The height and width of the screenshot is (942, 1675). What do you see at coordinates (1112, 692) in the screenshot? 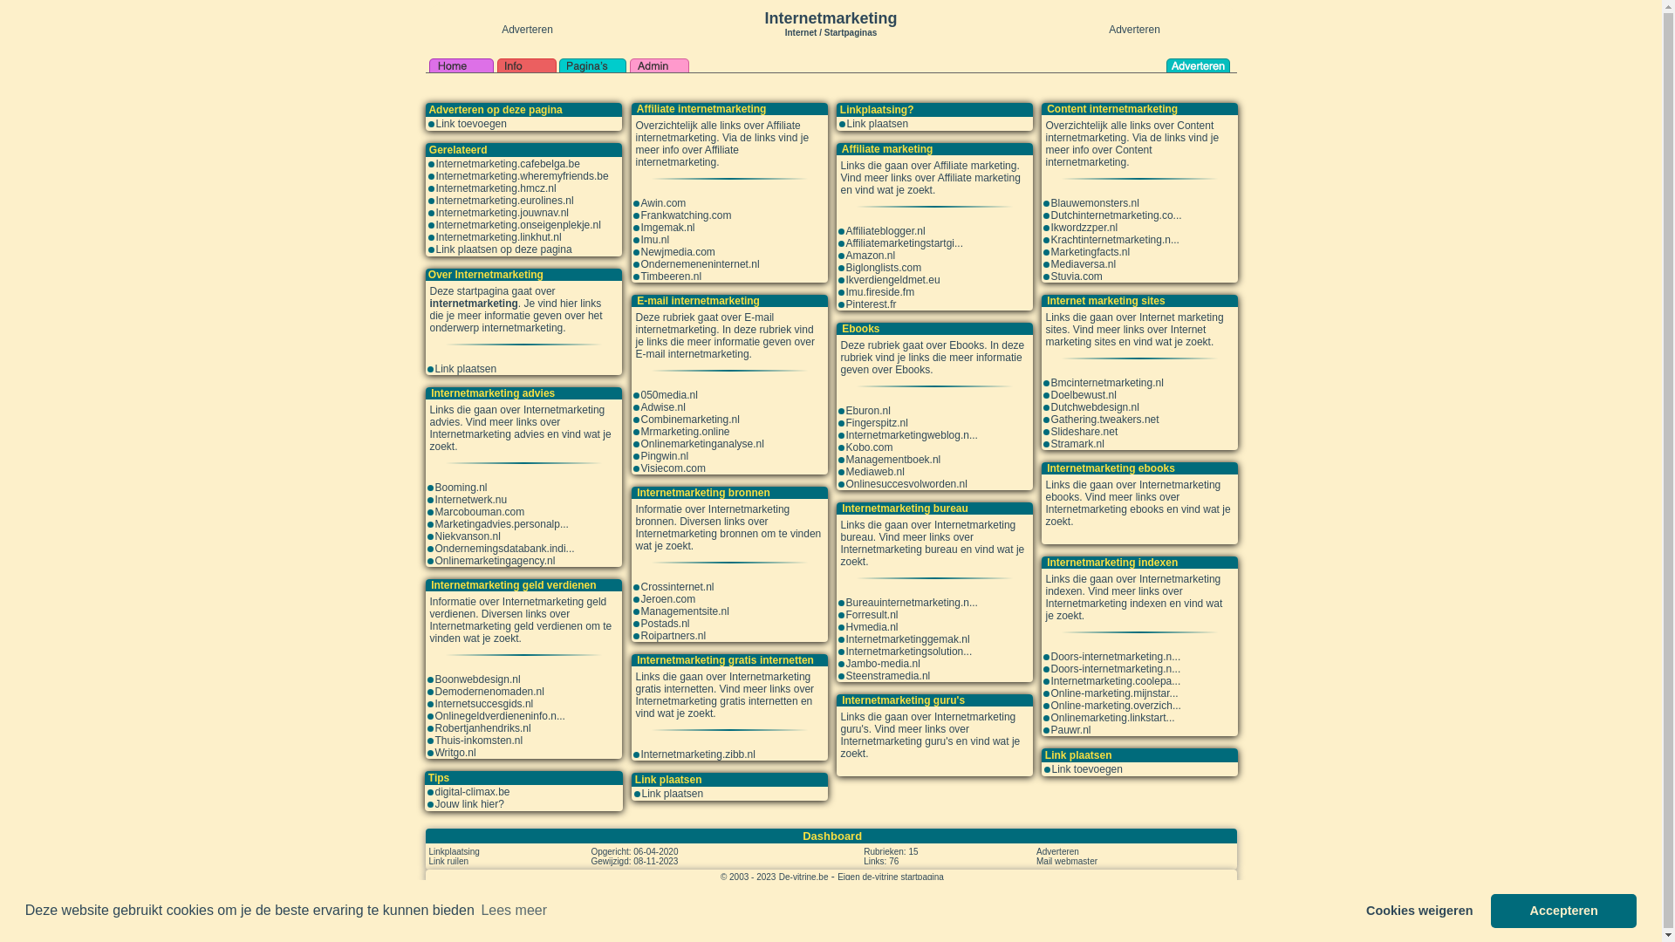
I see `'Online-marketing.mijnstar...'` at bounding box center [1112, 692].